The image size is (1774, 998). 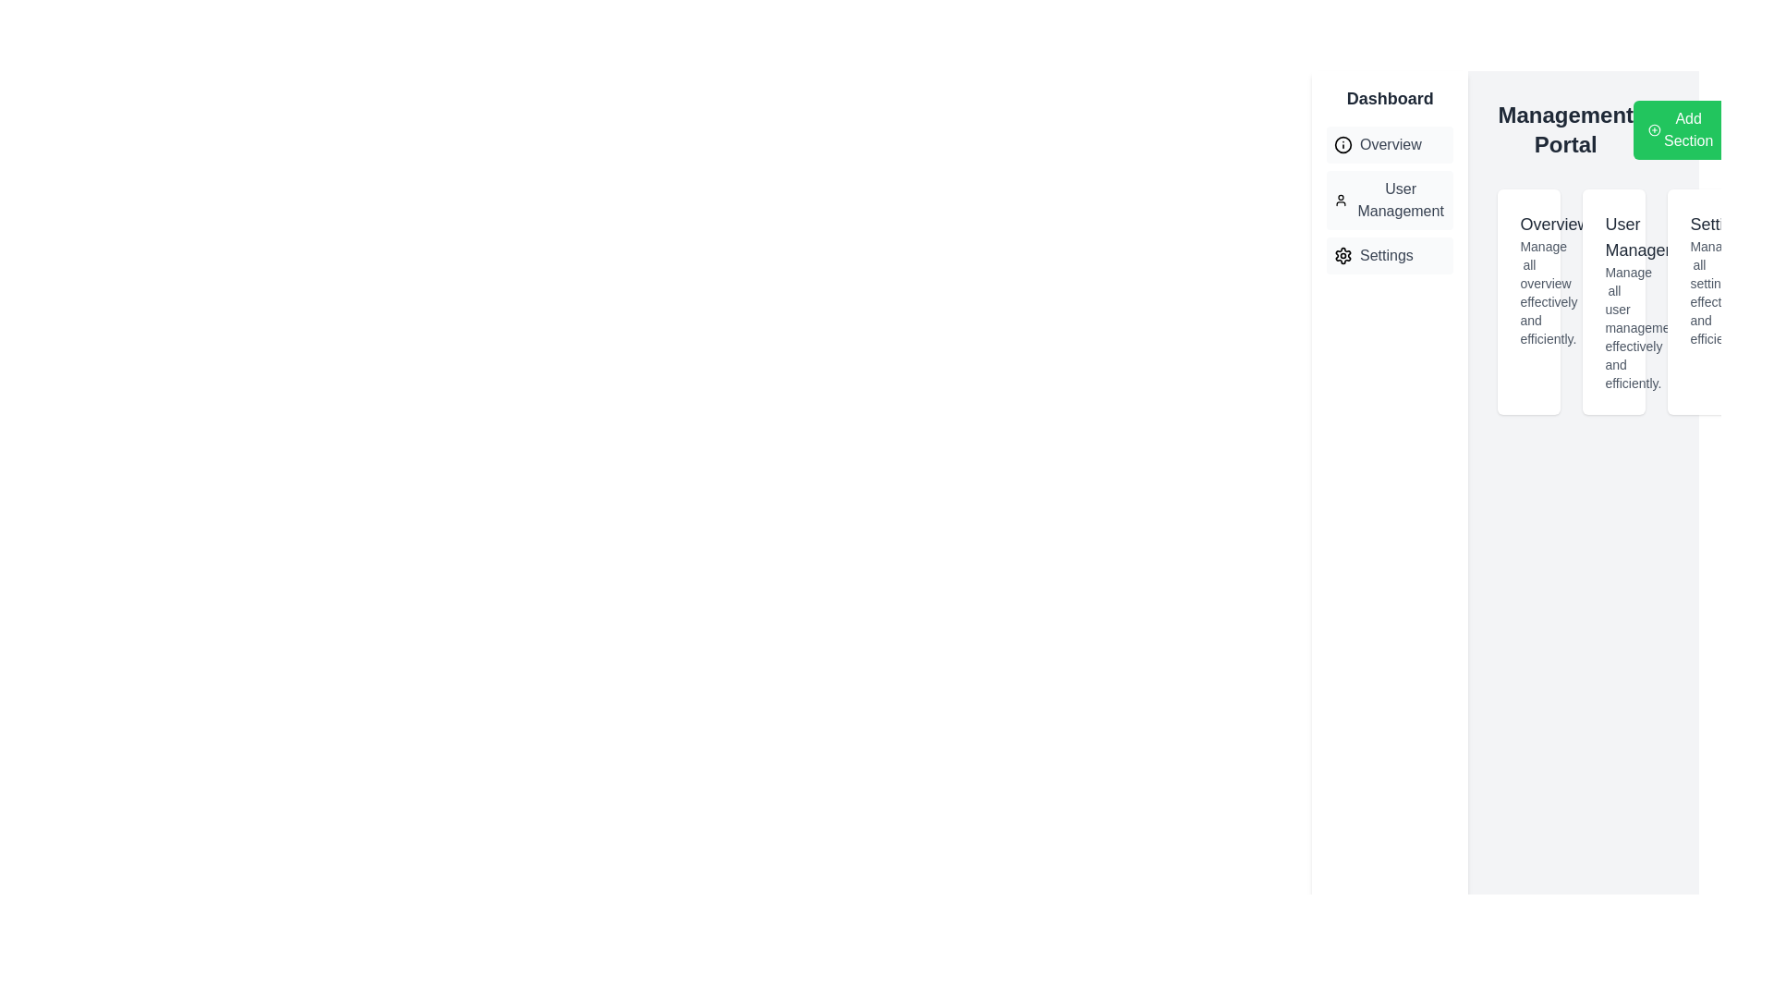 What do you see at coordinates (1343, 256) in the screenshot?
I see `the settings cogwheel icon located on the left-hand menu section under 'User Management'` at bounding box center [1343, 256].